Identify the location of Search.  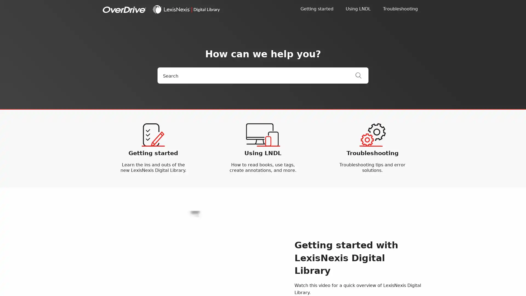
(362, 75).